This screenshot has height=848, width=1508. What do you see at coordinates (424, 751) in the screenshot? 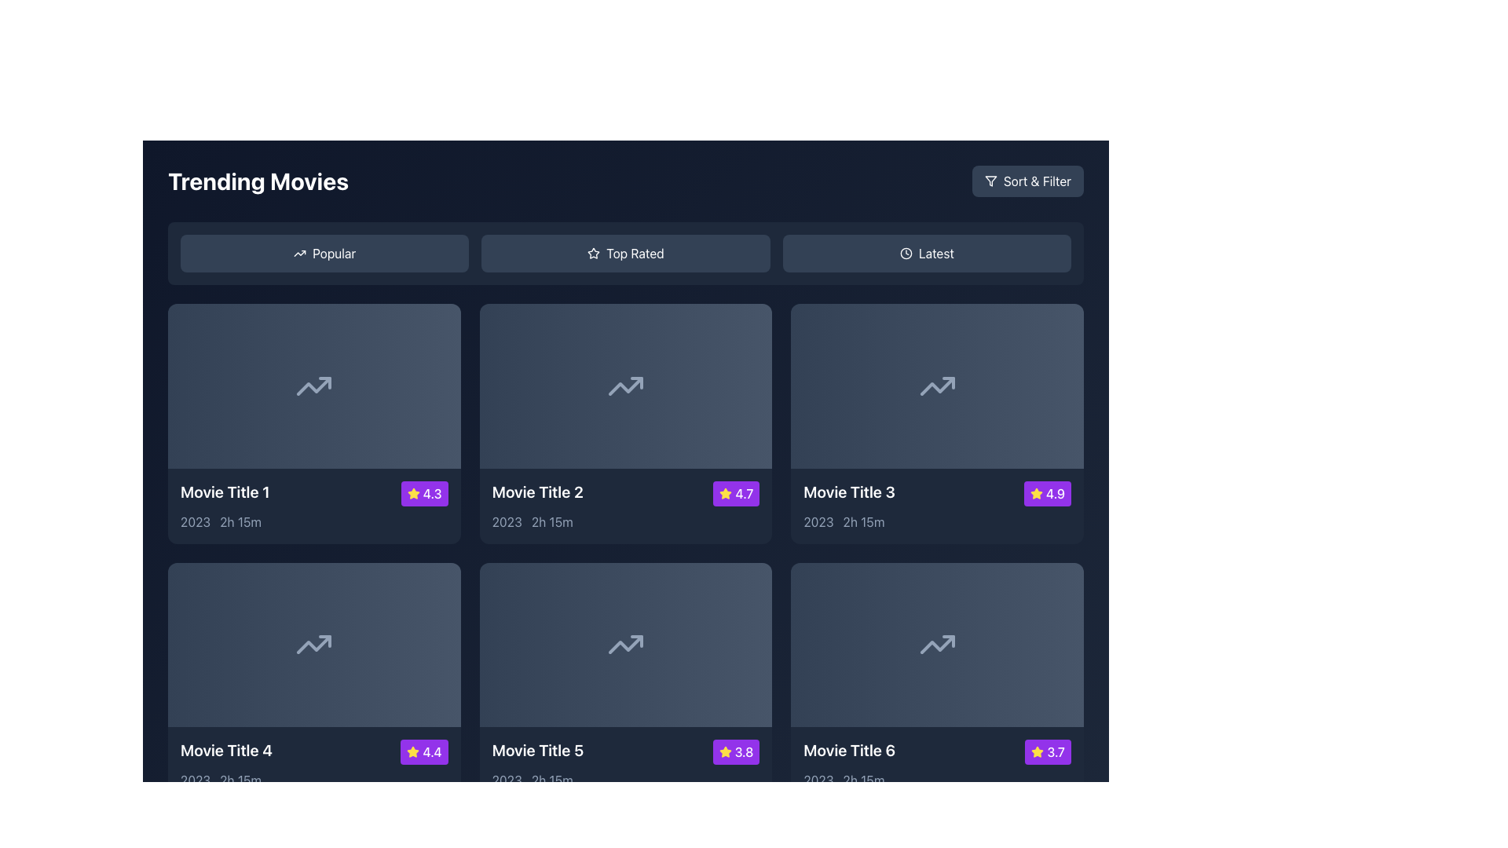
I see `the Rating Badge displaying '4.4' with a star icon, located in the bottom-right corner of the card for 'Movie Title 4'` at bounding box center [424, 751].